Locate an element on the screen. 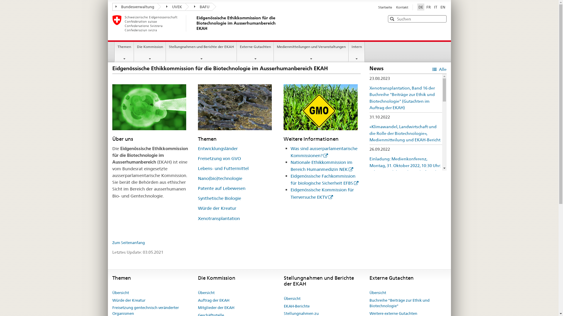 This screenshot has height=316, width=563. 'Medienmitteilungen und Veranstaltungen' is located at coordinates (311, 51).